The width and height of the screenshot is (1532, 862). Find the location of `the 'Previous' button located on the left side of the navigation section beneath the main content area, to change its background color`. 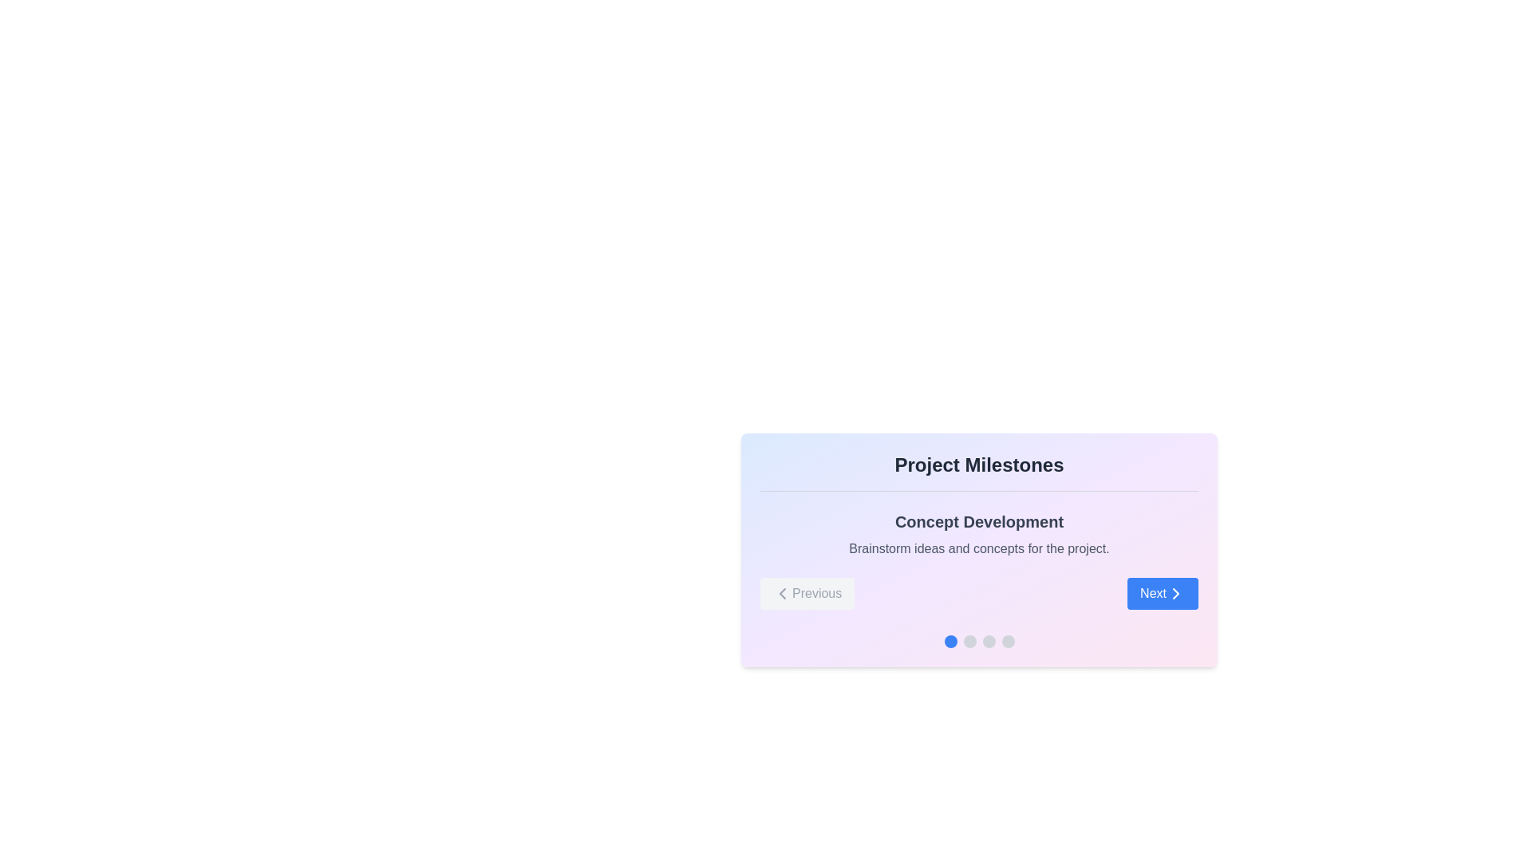

the 'Previous' button located on the left side of the navigation section beneath the main content area, to change its background color is located at coordinates (807, 594).